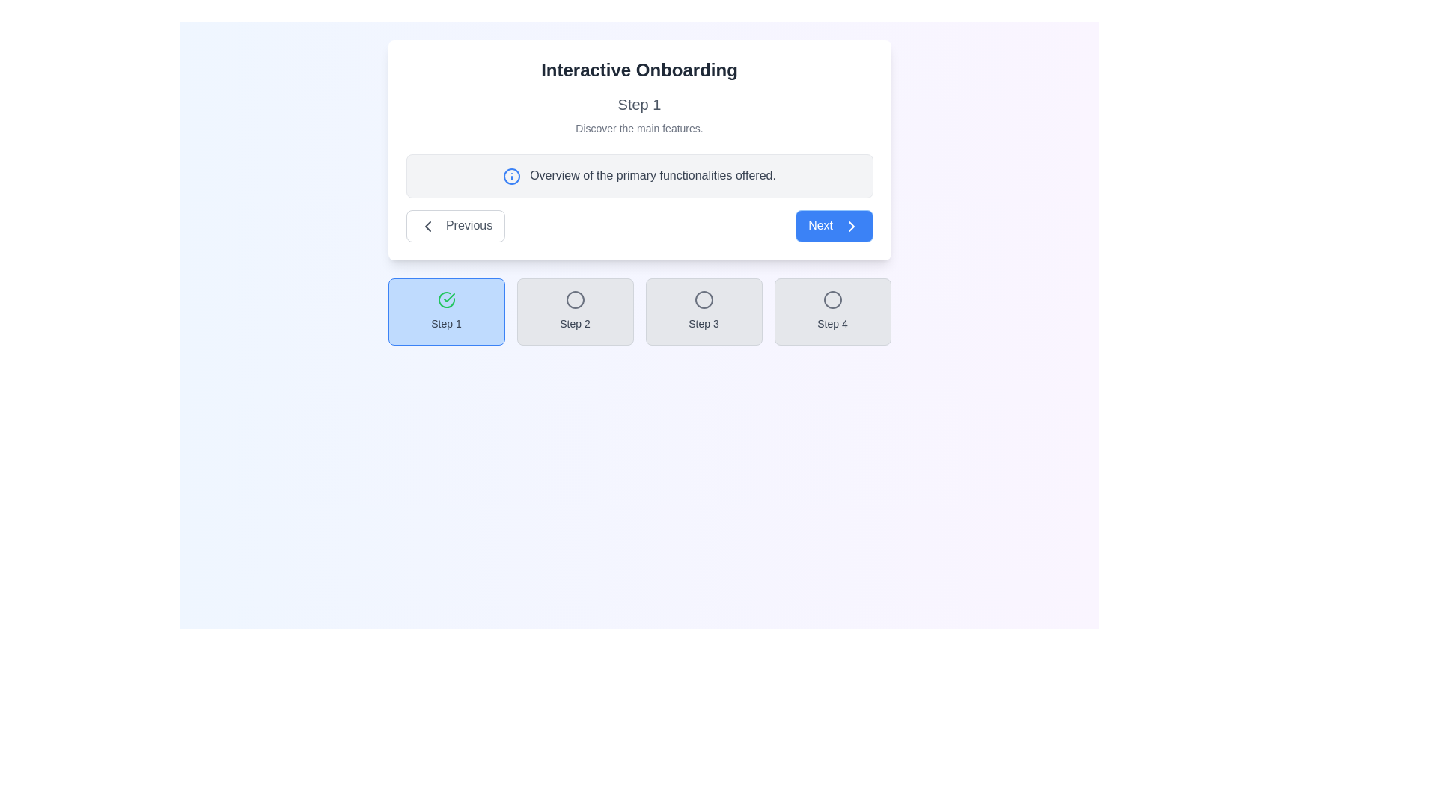 The height and width of the screenshot is (808, 1437). What do you see at coordinates (833, 226) in the screenshot?
I see `the blue 'Next' button located on the right side of the navigation buttons` at bounding box center [833, 226].